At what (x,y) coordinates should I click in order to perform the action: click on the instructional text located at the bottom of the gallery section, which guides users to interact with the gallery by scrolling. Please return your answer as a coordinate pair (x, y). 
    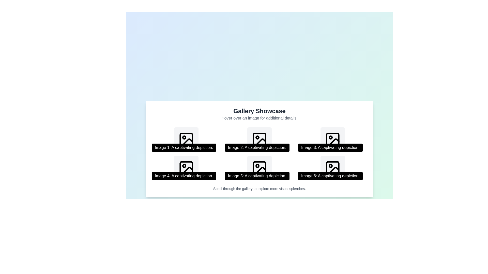
    Looking at the image, I should click on (260, 189).